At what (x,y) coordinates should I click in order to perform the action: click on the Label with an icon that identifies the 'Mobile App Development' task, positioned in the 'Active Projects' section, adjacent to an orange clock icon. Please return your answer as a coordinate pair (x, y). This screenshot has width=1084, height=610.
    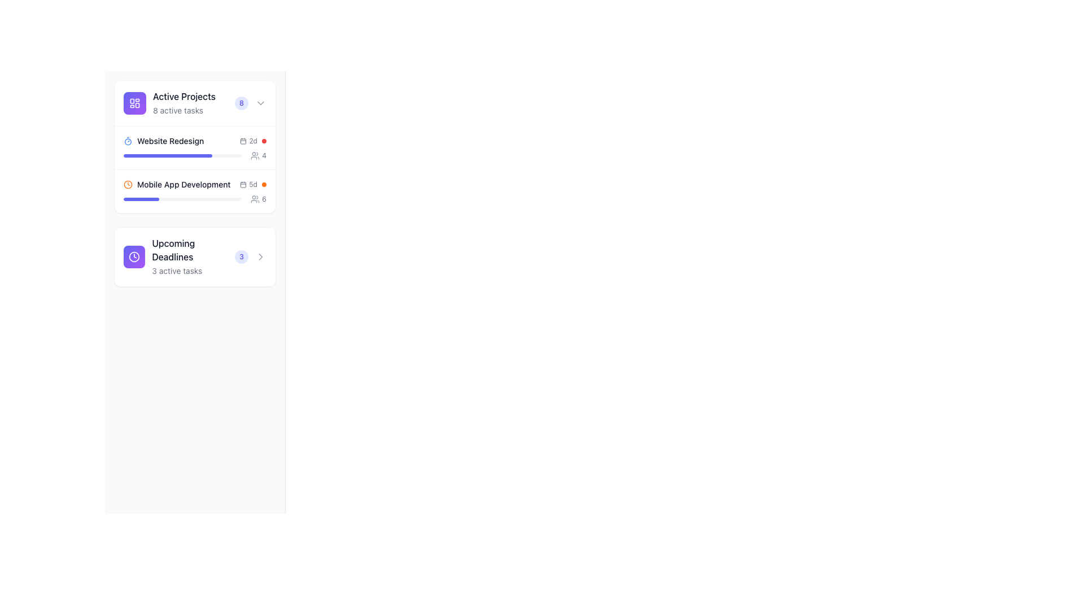
    Looking at the image, I should click on (176, 184).